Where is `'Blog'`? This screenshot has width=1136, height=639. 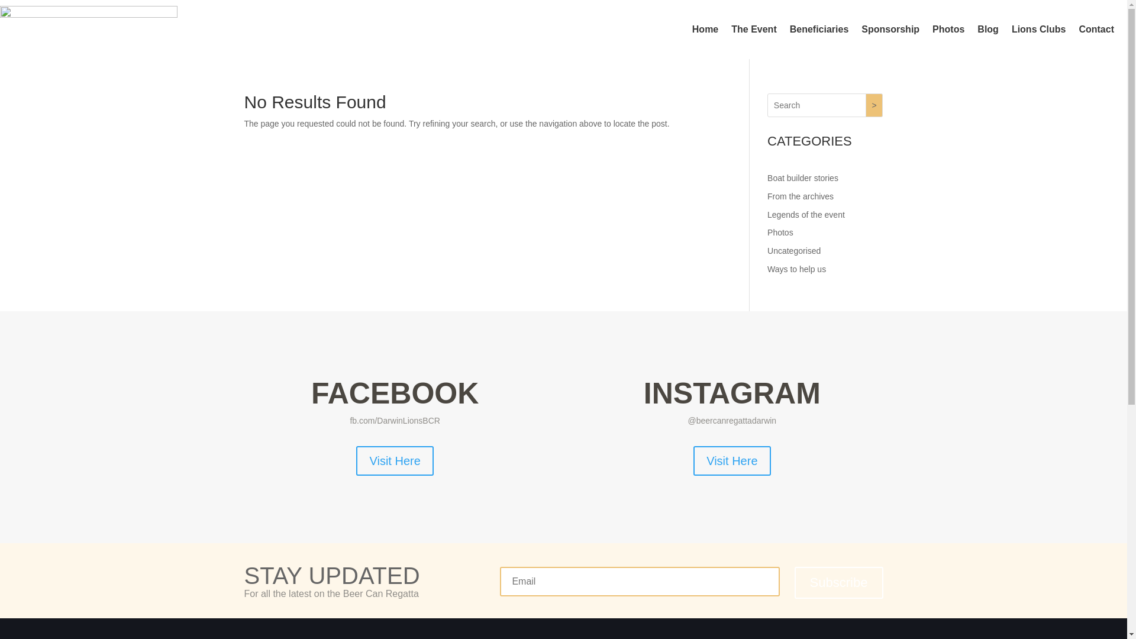
'Blog' is located at coordinates (977, 29).